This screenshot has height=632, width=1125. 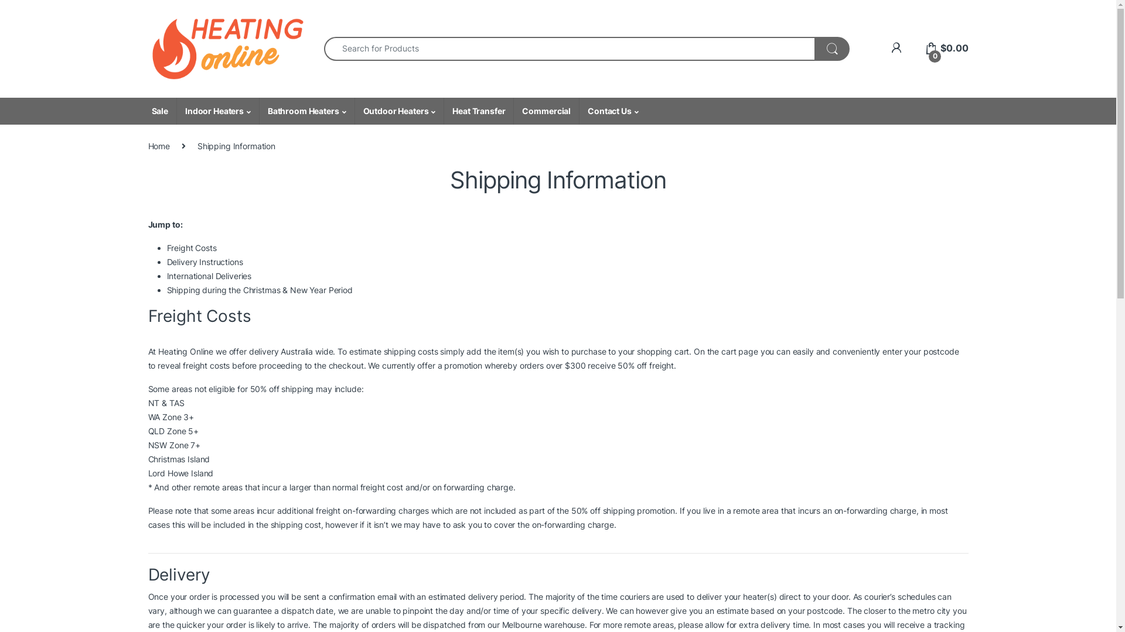 I want to click on 'Sale', so click(x=142, y=111).